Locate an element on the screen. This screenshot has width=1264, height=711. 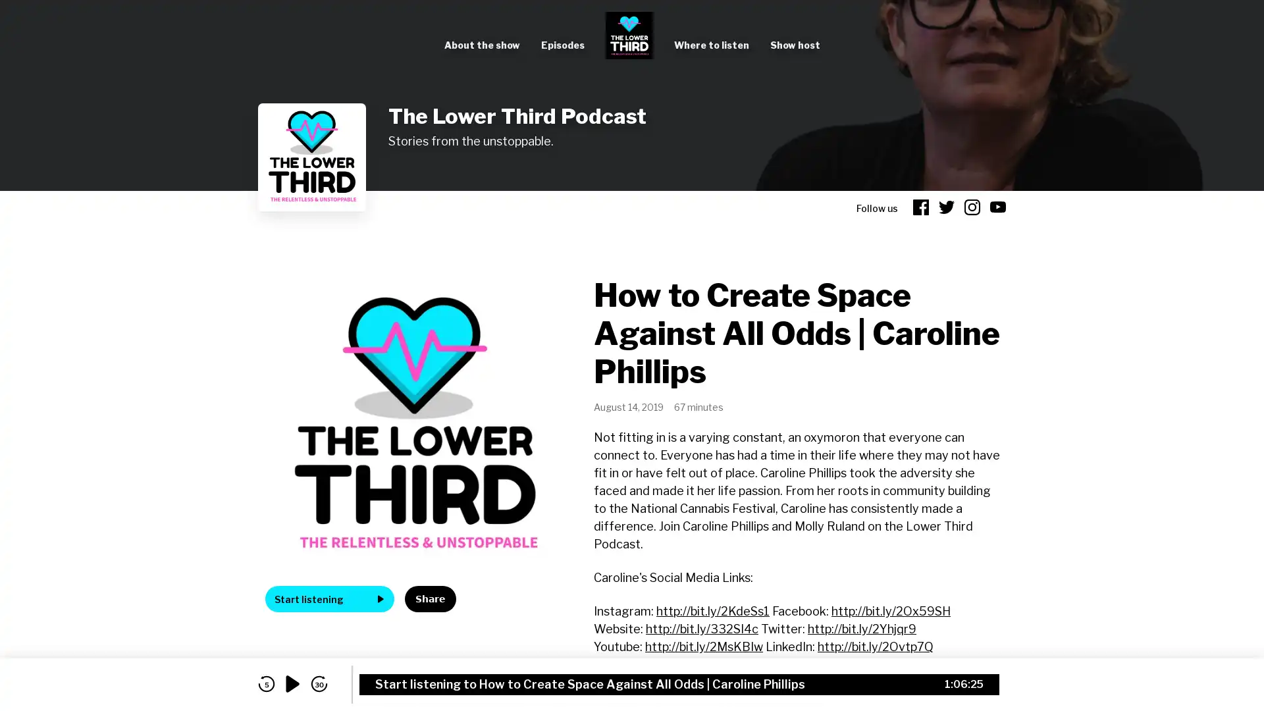
skip back 5 seconds is located at coordinates (265, 683).